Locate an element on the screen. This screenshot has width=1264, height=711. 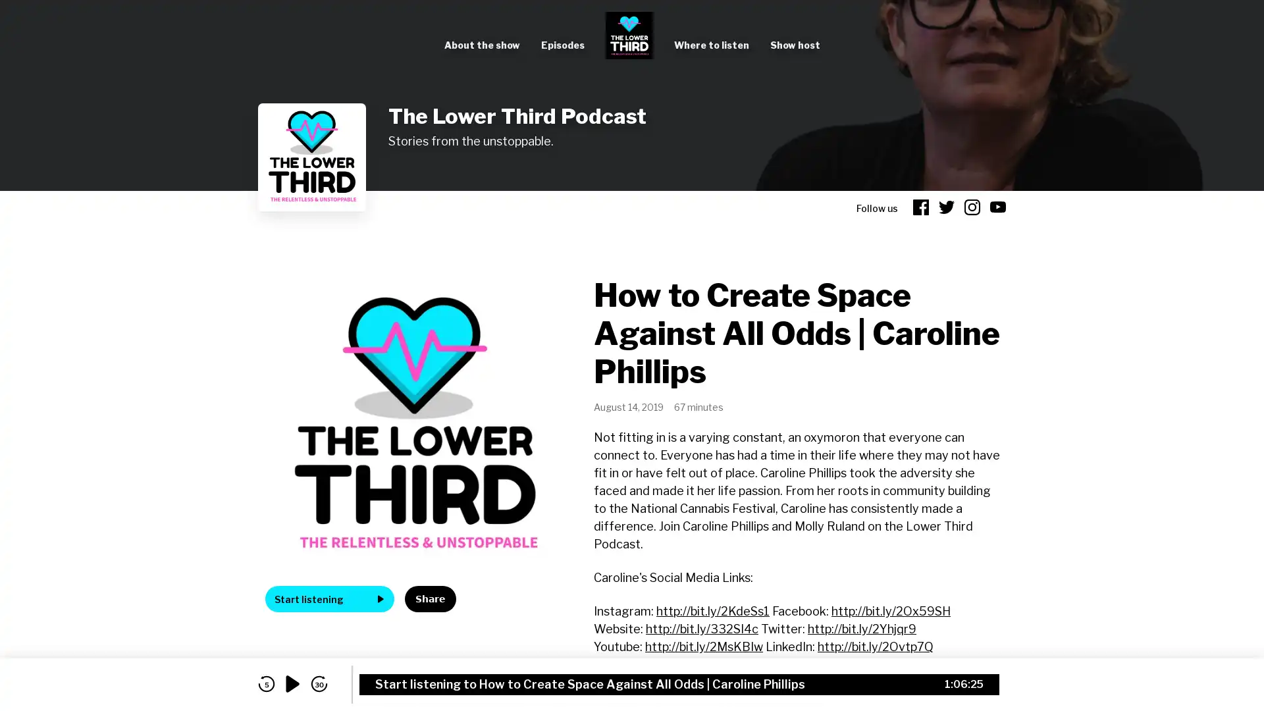
skip back 5 seconds is located at coordinates (265, 683).